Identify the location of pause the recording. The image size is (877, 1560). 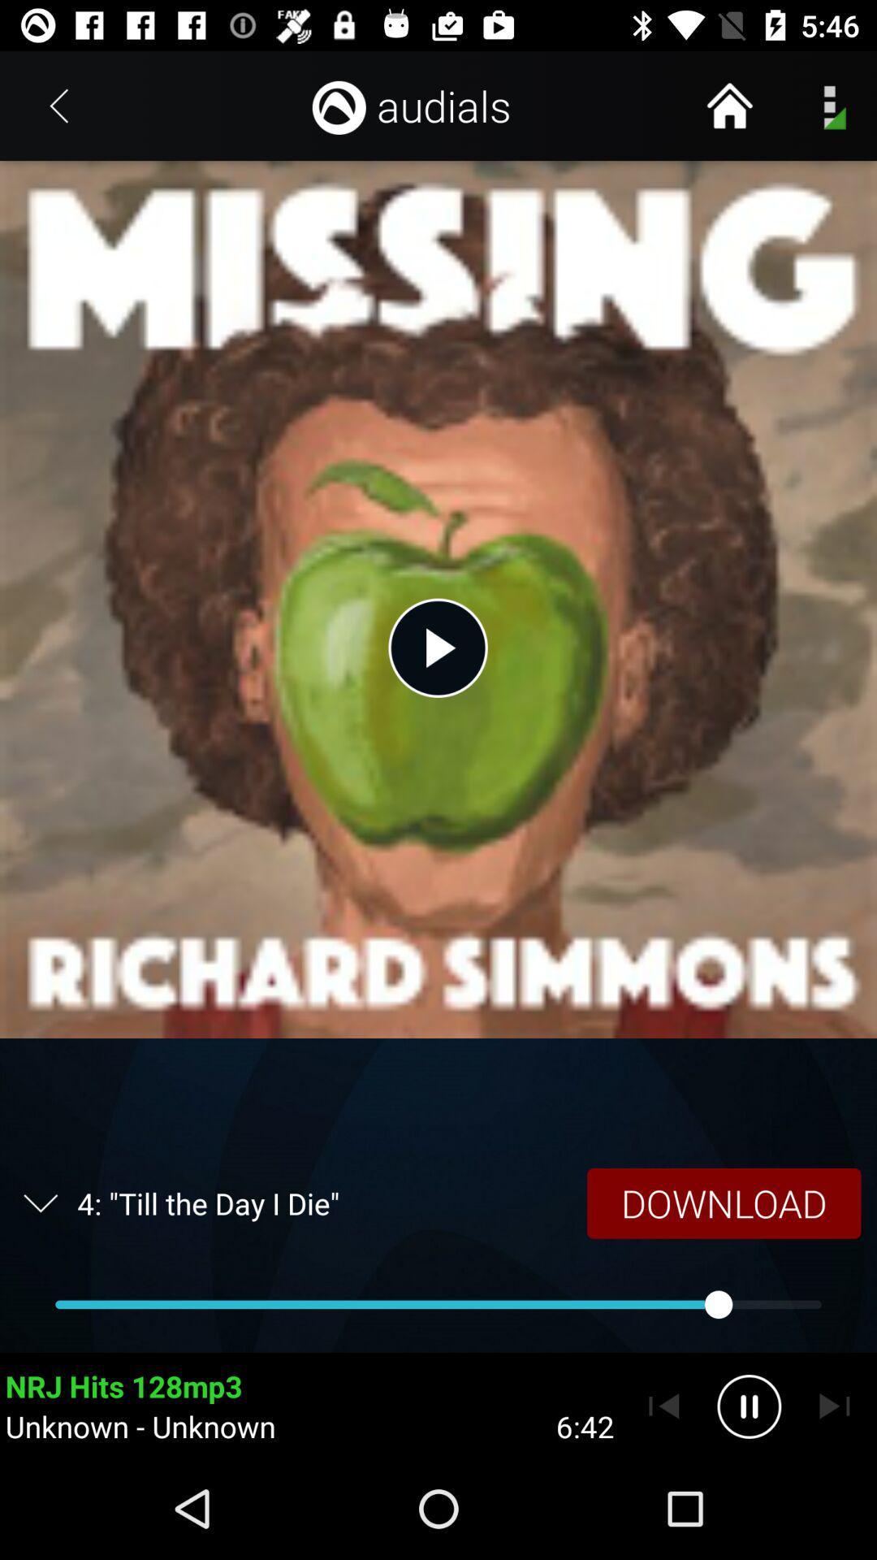
(749, 1406).